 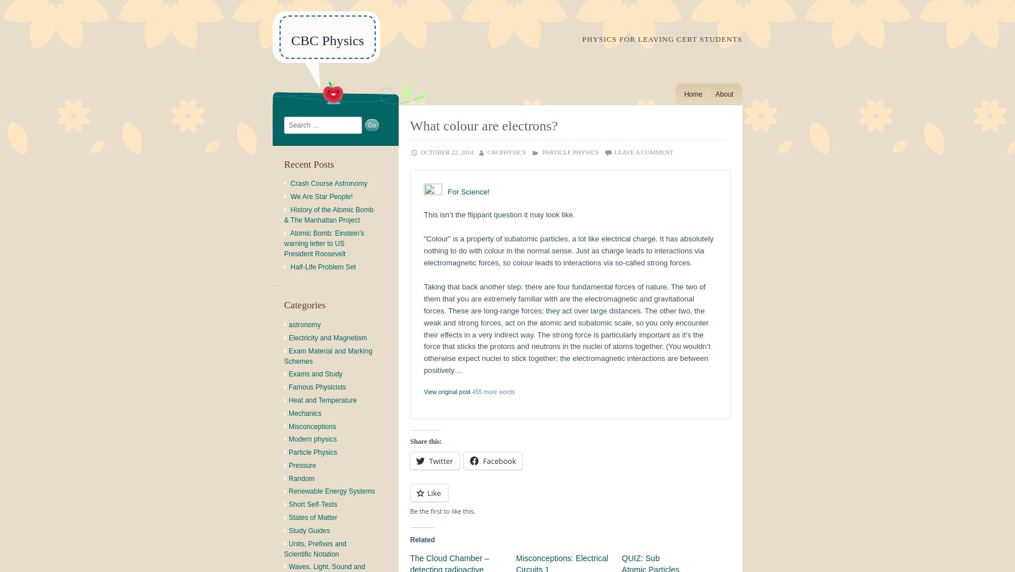 What do you see at coordinates (294, 121) in the screenshot?
I see `'Search'` at bounding box center [294, 121].